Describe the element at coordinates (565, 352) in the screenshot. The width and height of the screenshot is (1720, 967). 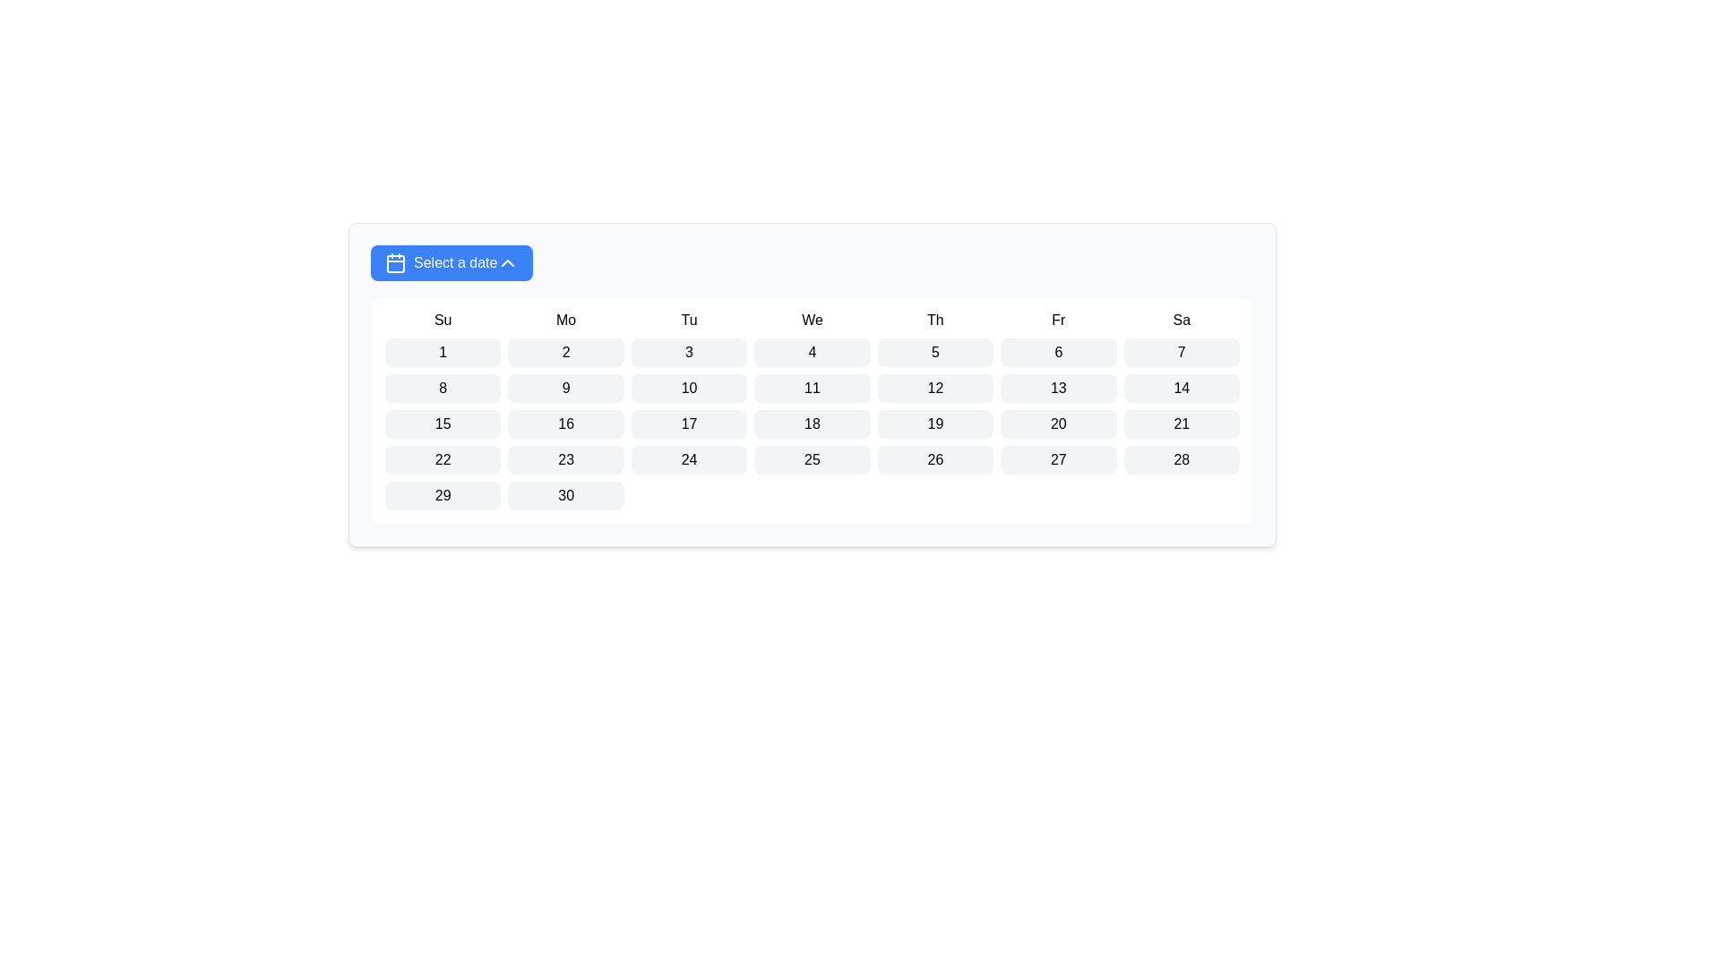
I see `the button representing the second day of the month in the calendar interface located in the second column of the first row beneath the 'Mo' header` at that location.